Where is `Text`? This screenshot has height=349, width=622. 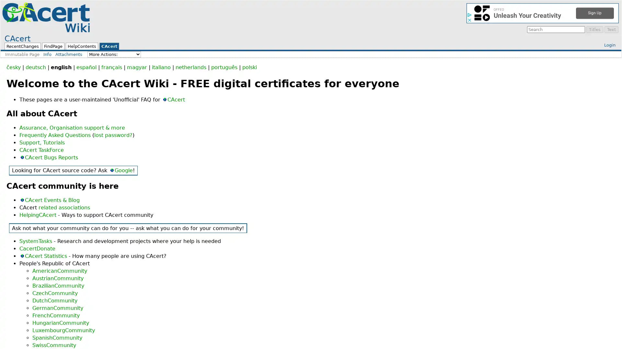 Text is located at coordinates (611, 29).